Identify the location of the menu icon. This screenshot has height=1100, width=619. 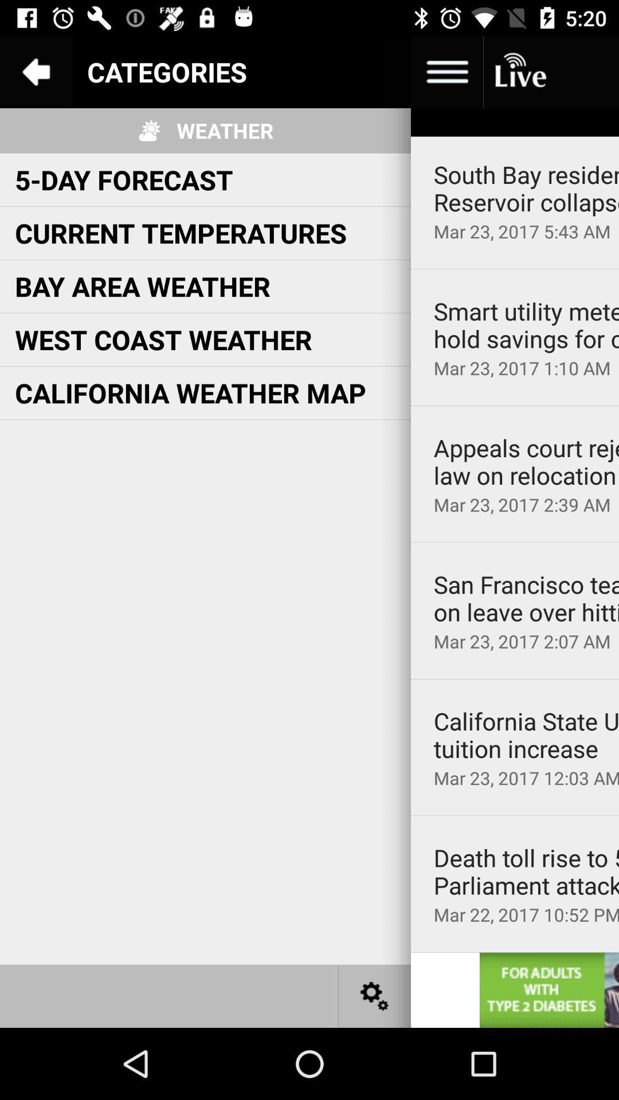
(446, 71).